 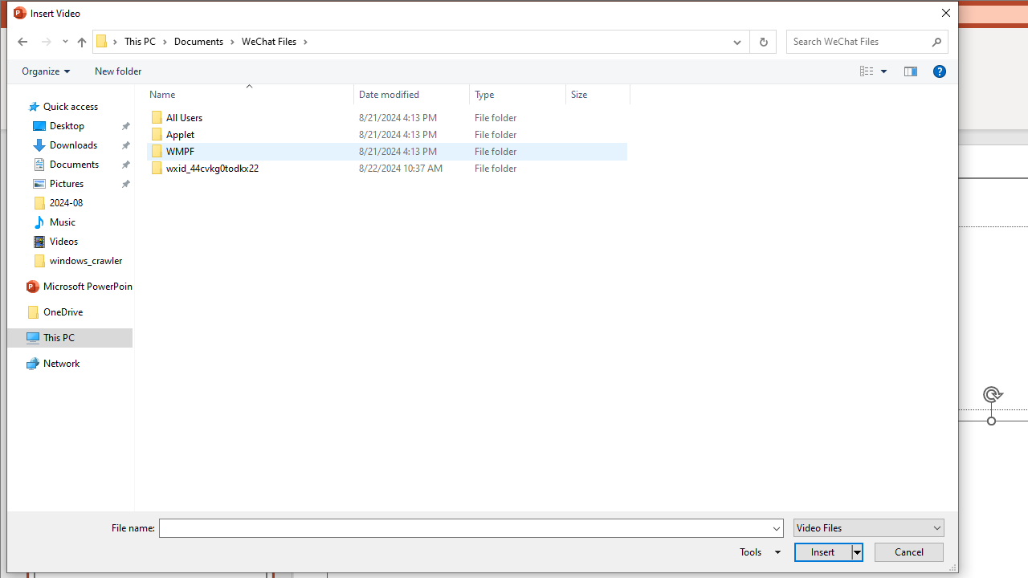 I want to click on 'Address: C:\Users\wangyian\Documents\WeChat Files', so click(x=408, y=40).